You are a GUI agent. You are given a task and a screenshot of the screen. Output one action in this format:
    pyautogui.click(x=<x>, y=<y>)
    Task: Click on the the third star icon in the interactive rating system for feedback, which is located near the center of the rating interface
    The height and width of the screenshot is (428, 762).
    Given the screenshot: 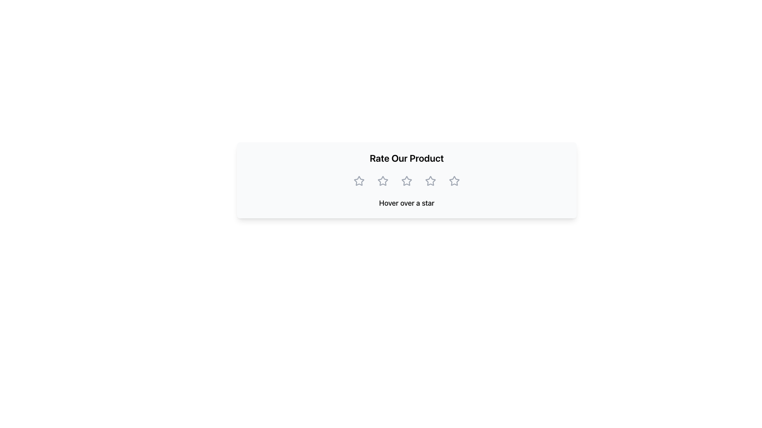 What is the action you would take?
    pyautogui.click(x=407, y=181)
    